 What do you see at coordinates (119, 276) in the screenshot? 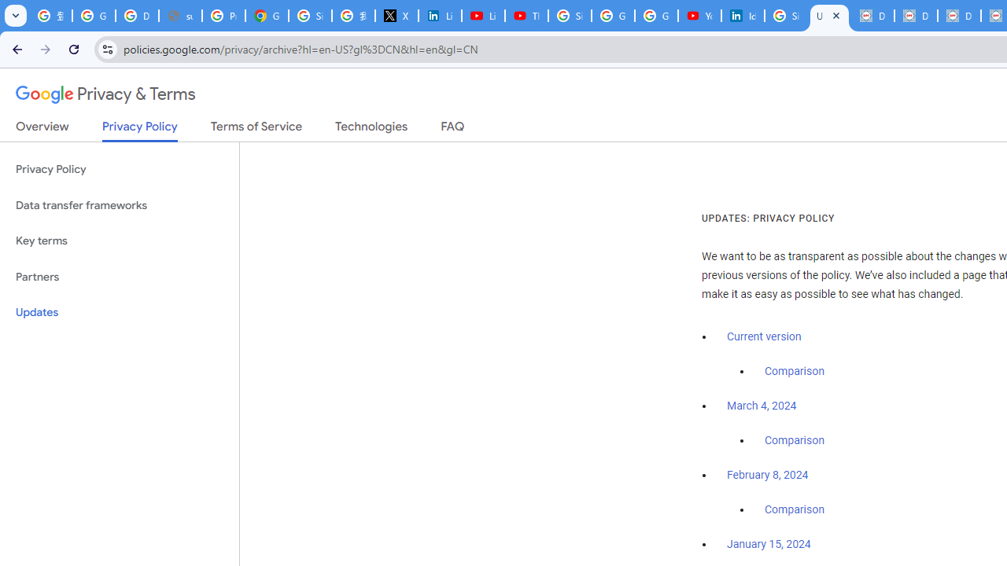
I see `'Partners'` at bounding box center [119, 276].